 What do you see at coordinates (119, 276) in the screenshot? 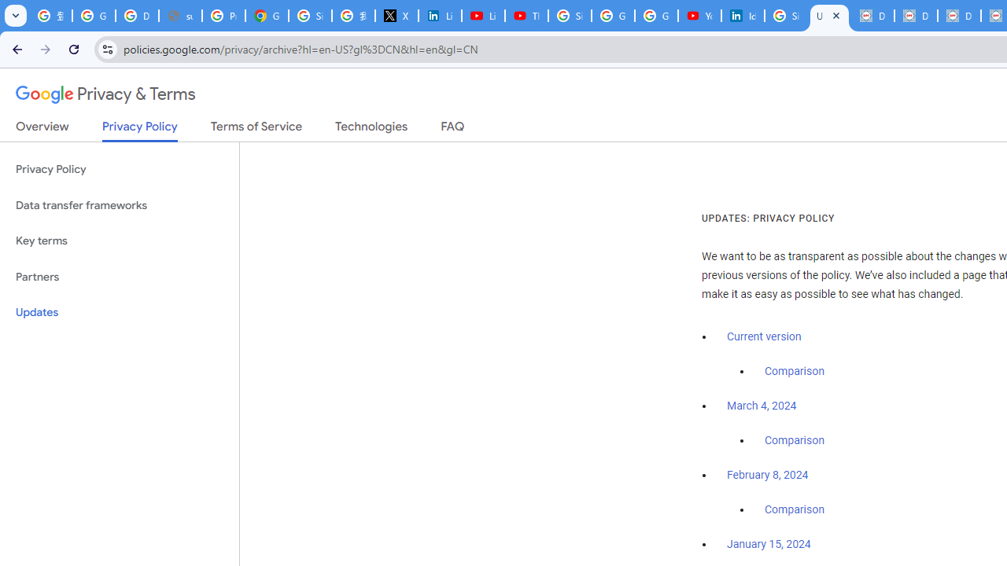
I see `'Partners'` at bounding box center [119, 276].